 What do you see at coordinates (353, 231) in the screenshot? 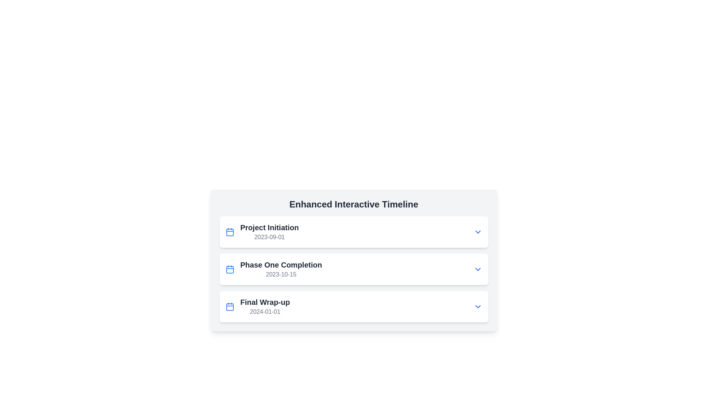
I see `the first interactive list item in the timeline` at bounding box center [353, 231].